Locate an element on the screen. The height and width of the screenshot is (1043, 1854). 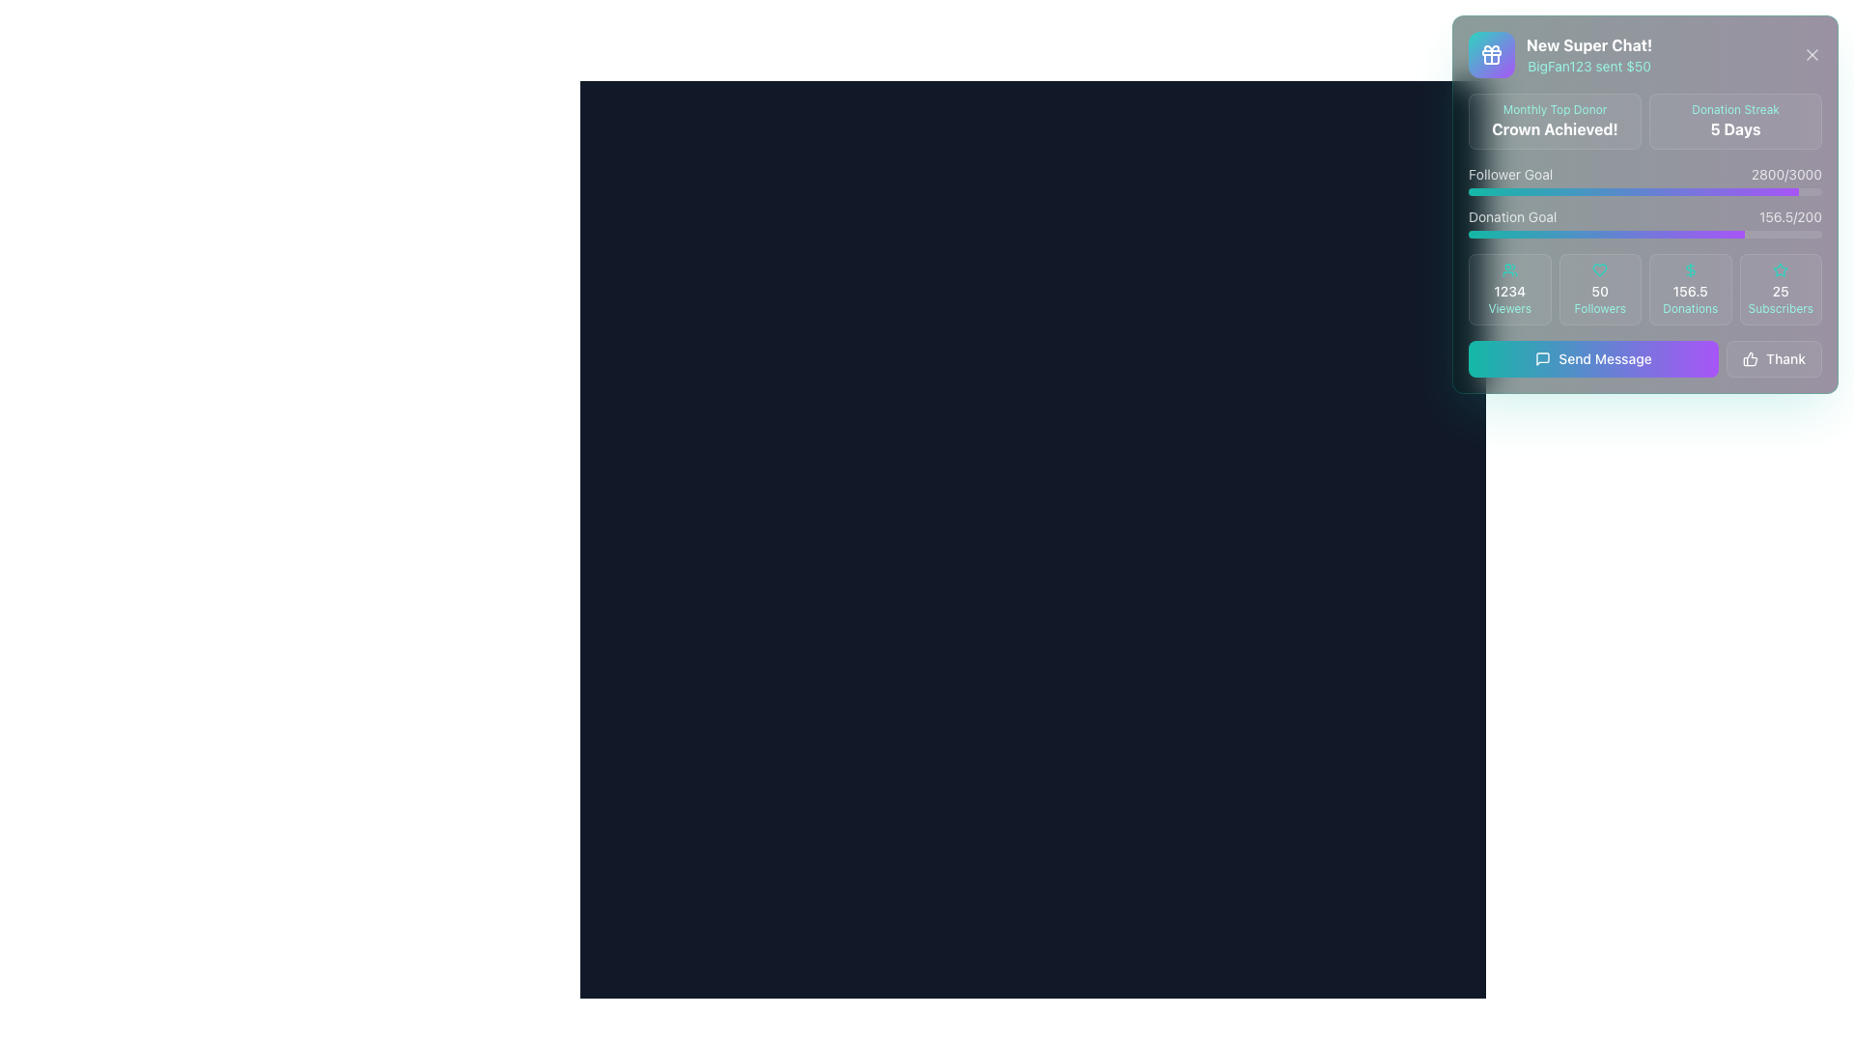
the grid-based information display component that contains numerical values and labels such as '1234 Viewers,' '50 Followers,' '156.5 Donations,' and '25 Subscribers.' is located at coordinates (1644, 290).